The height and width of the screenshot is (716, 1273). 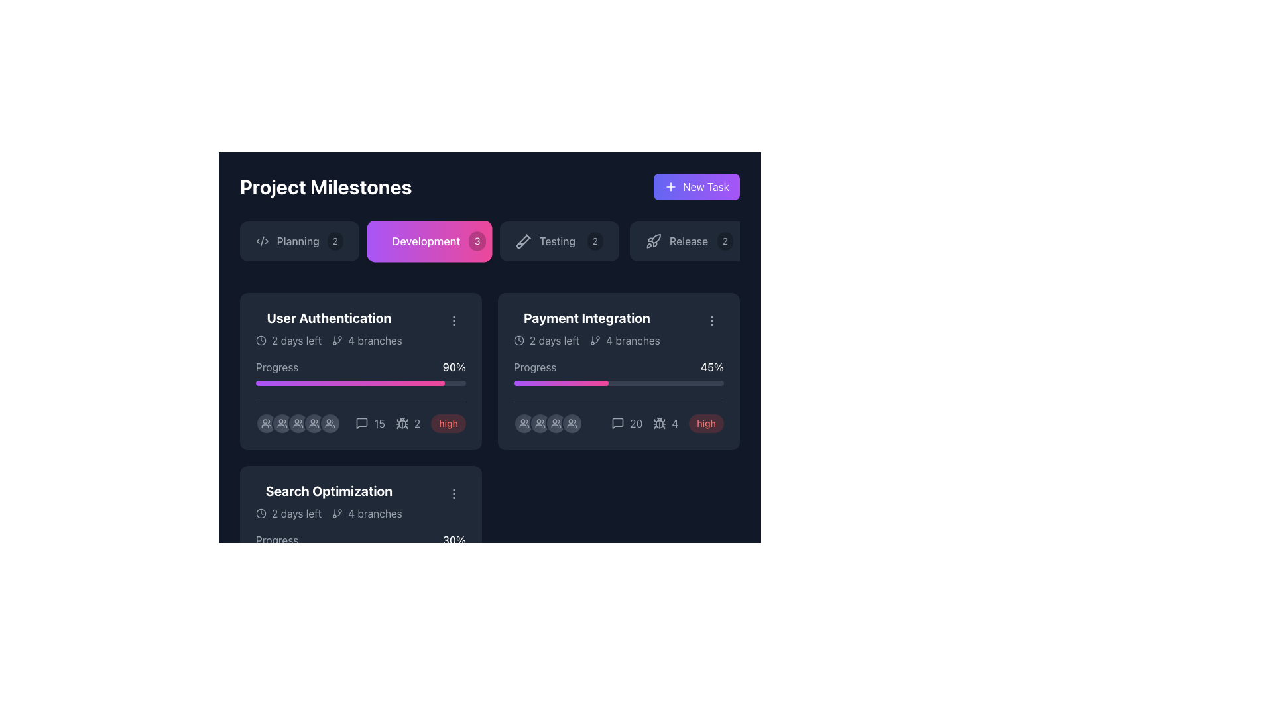 I want to click on the fourth interactive button labeled 'Release' with a rocket icon, so click(x=690, y=241).